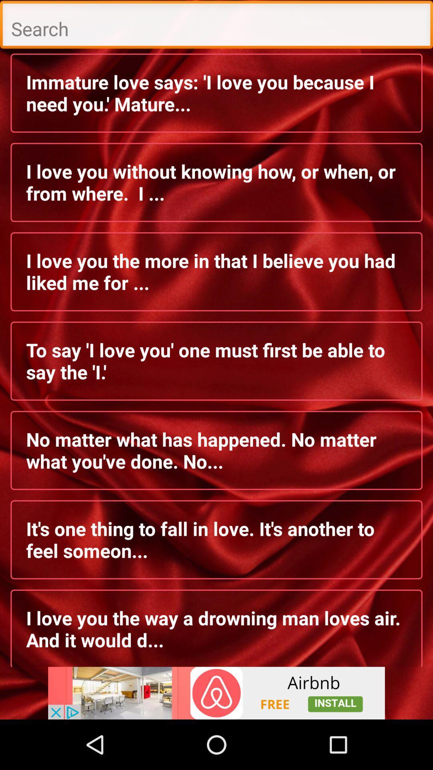 This screenshot has width=433, height=770. What do you see at coordinates (216, 693) in the screenshot?
I see `more information about an advertisement` at bounding box center [216, 693].